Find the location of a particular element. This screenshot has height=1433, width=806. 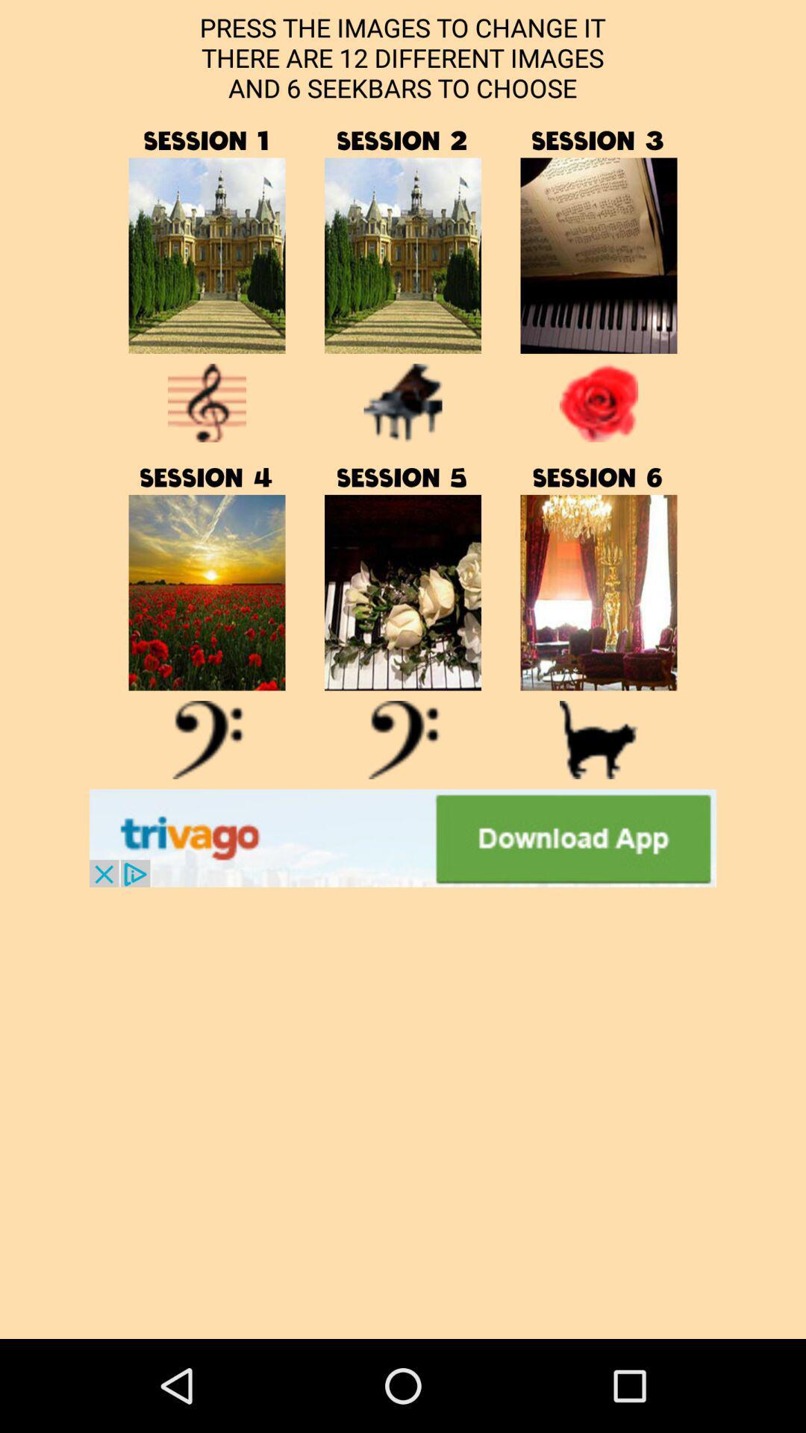

open is located at coordinates (403, 838).